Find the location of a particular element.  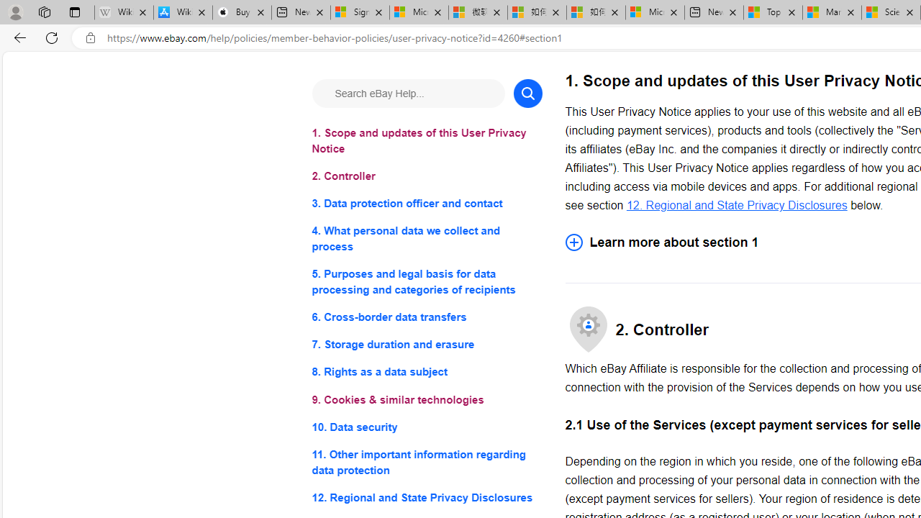

'1. Scope and updates of this User Privacy Notice' is located at coordinates (426, 141).